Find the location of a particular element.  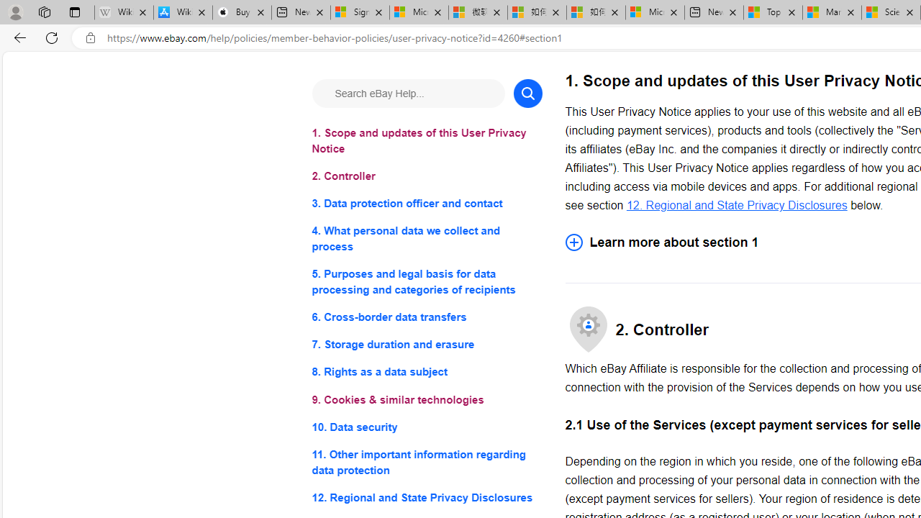

'1. Scope and updates of this User Privacy Notice' is located at coordinates (426, 141).